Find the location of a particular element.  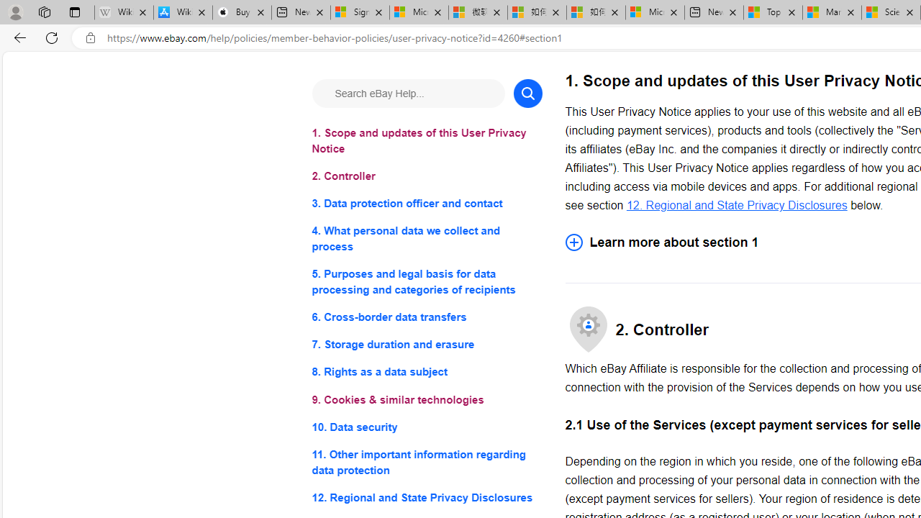

'1. Scope and updates of this User Privacy Notice' is located at coordinates (426, 141).